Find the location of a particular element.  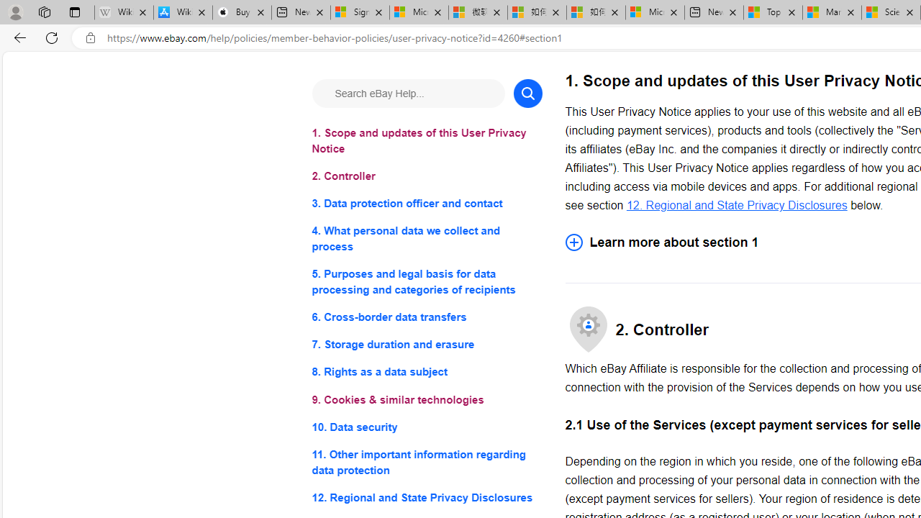

'1. Scope and updates of this User Privacy Notice' is located at coordinates (426, 141).